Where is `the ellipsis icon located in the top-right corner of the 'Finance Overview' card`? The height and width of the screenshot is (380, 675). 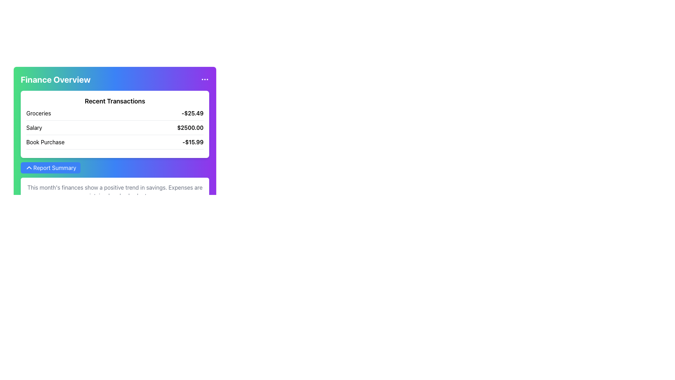
the ellipsis icon located in the top-right corner of the 'Finance Overview' card is located at coordinates (204, 79).